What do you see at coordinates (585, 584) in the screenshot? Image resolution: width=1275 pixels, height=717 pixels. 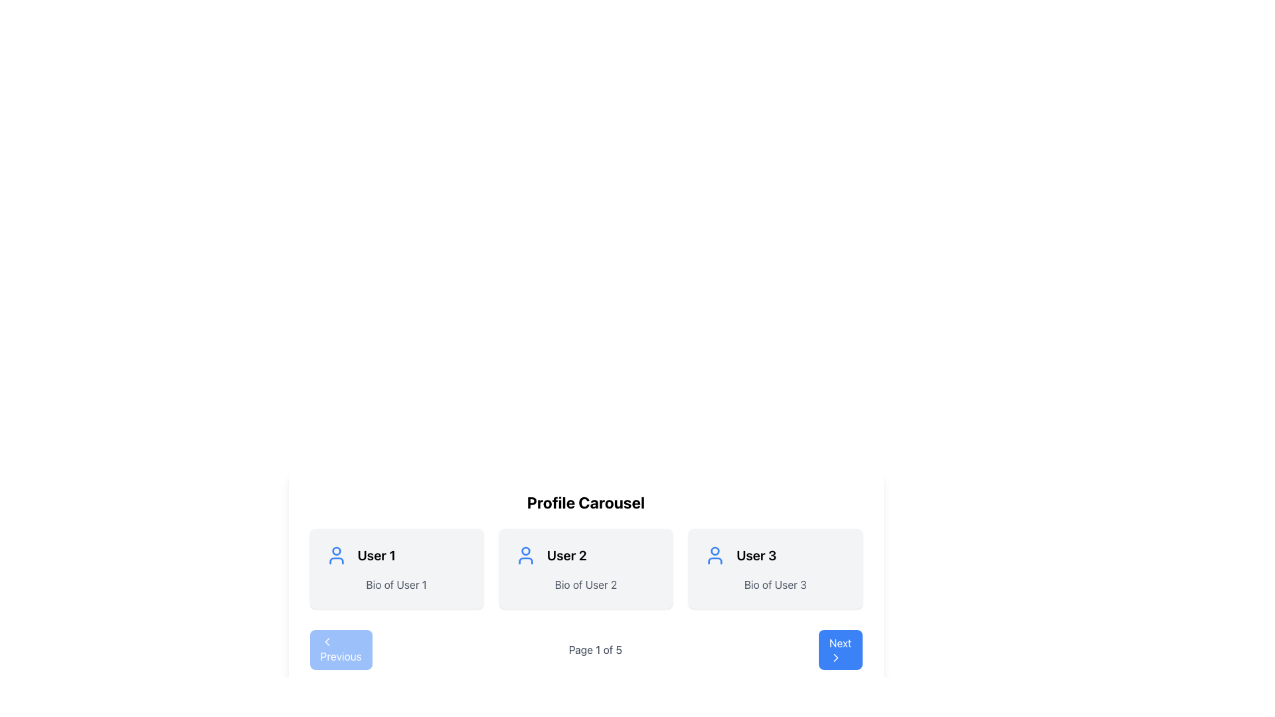 I see `the static text label displaying 'Bio of User 2' located below 'User 2' in the second user profile card` at bounding box center [585, 584].